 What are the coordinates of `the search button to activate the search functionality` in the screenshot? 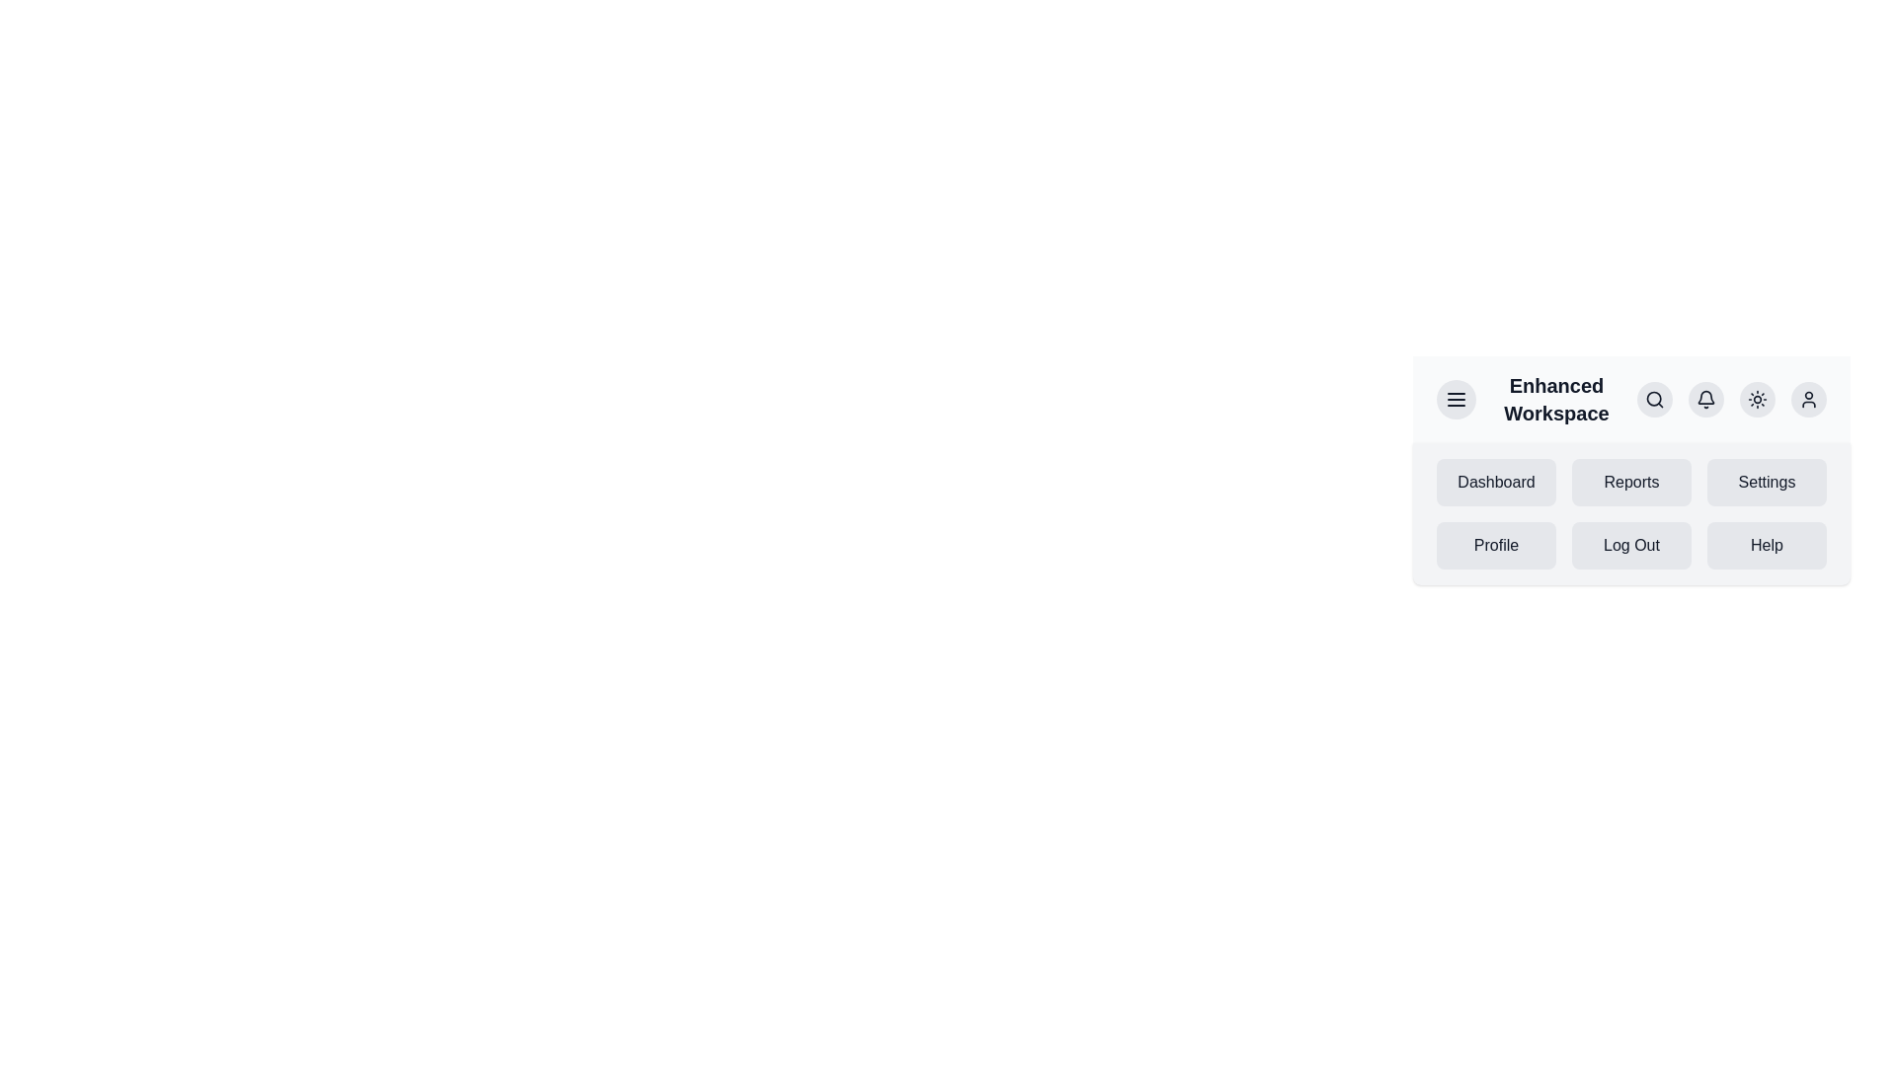 It's located at (1654, 400).